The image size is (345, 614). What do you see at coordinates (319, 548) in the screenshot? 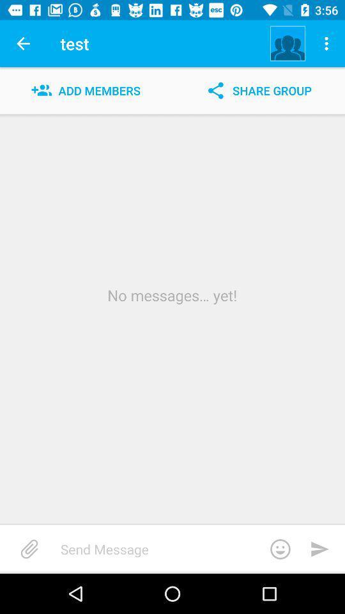
I see `the send icon` at bounding box center [319, 548].